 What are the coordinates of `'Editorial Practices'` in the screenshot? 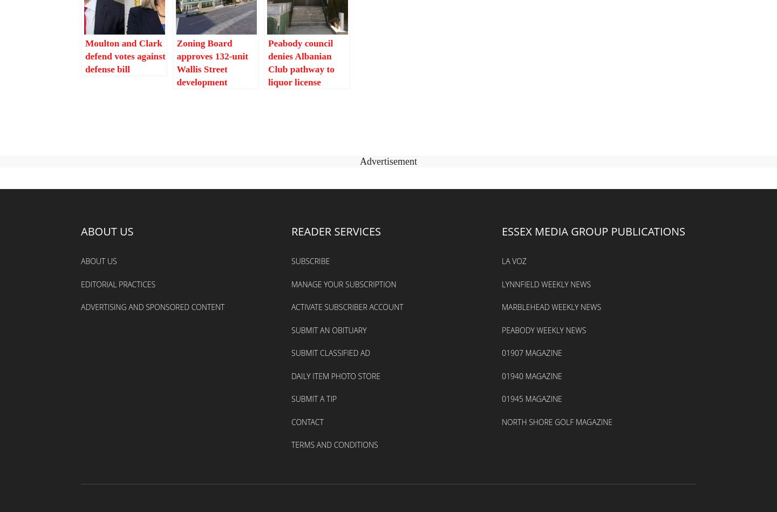 It's located at (118, 284).